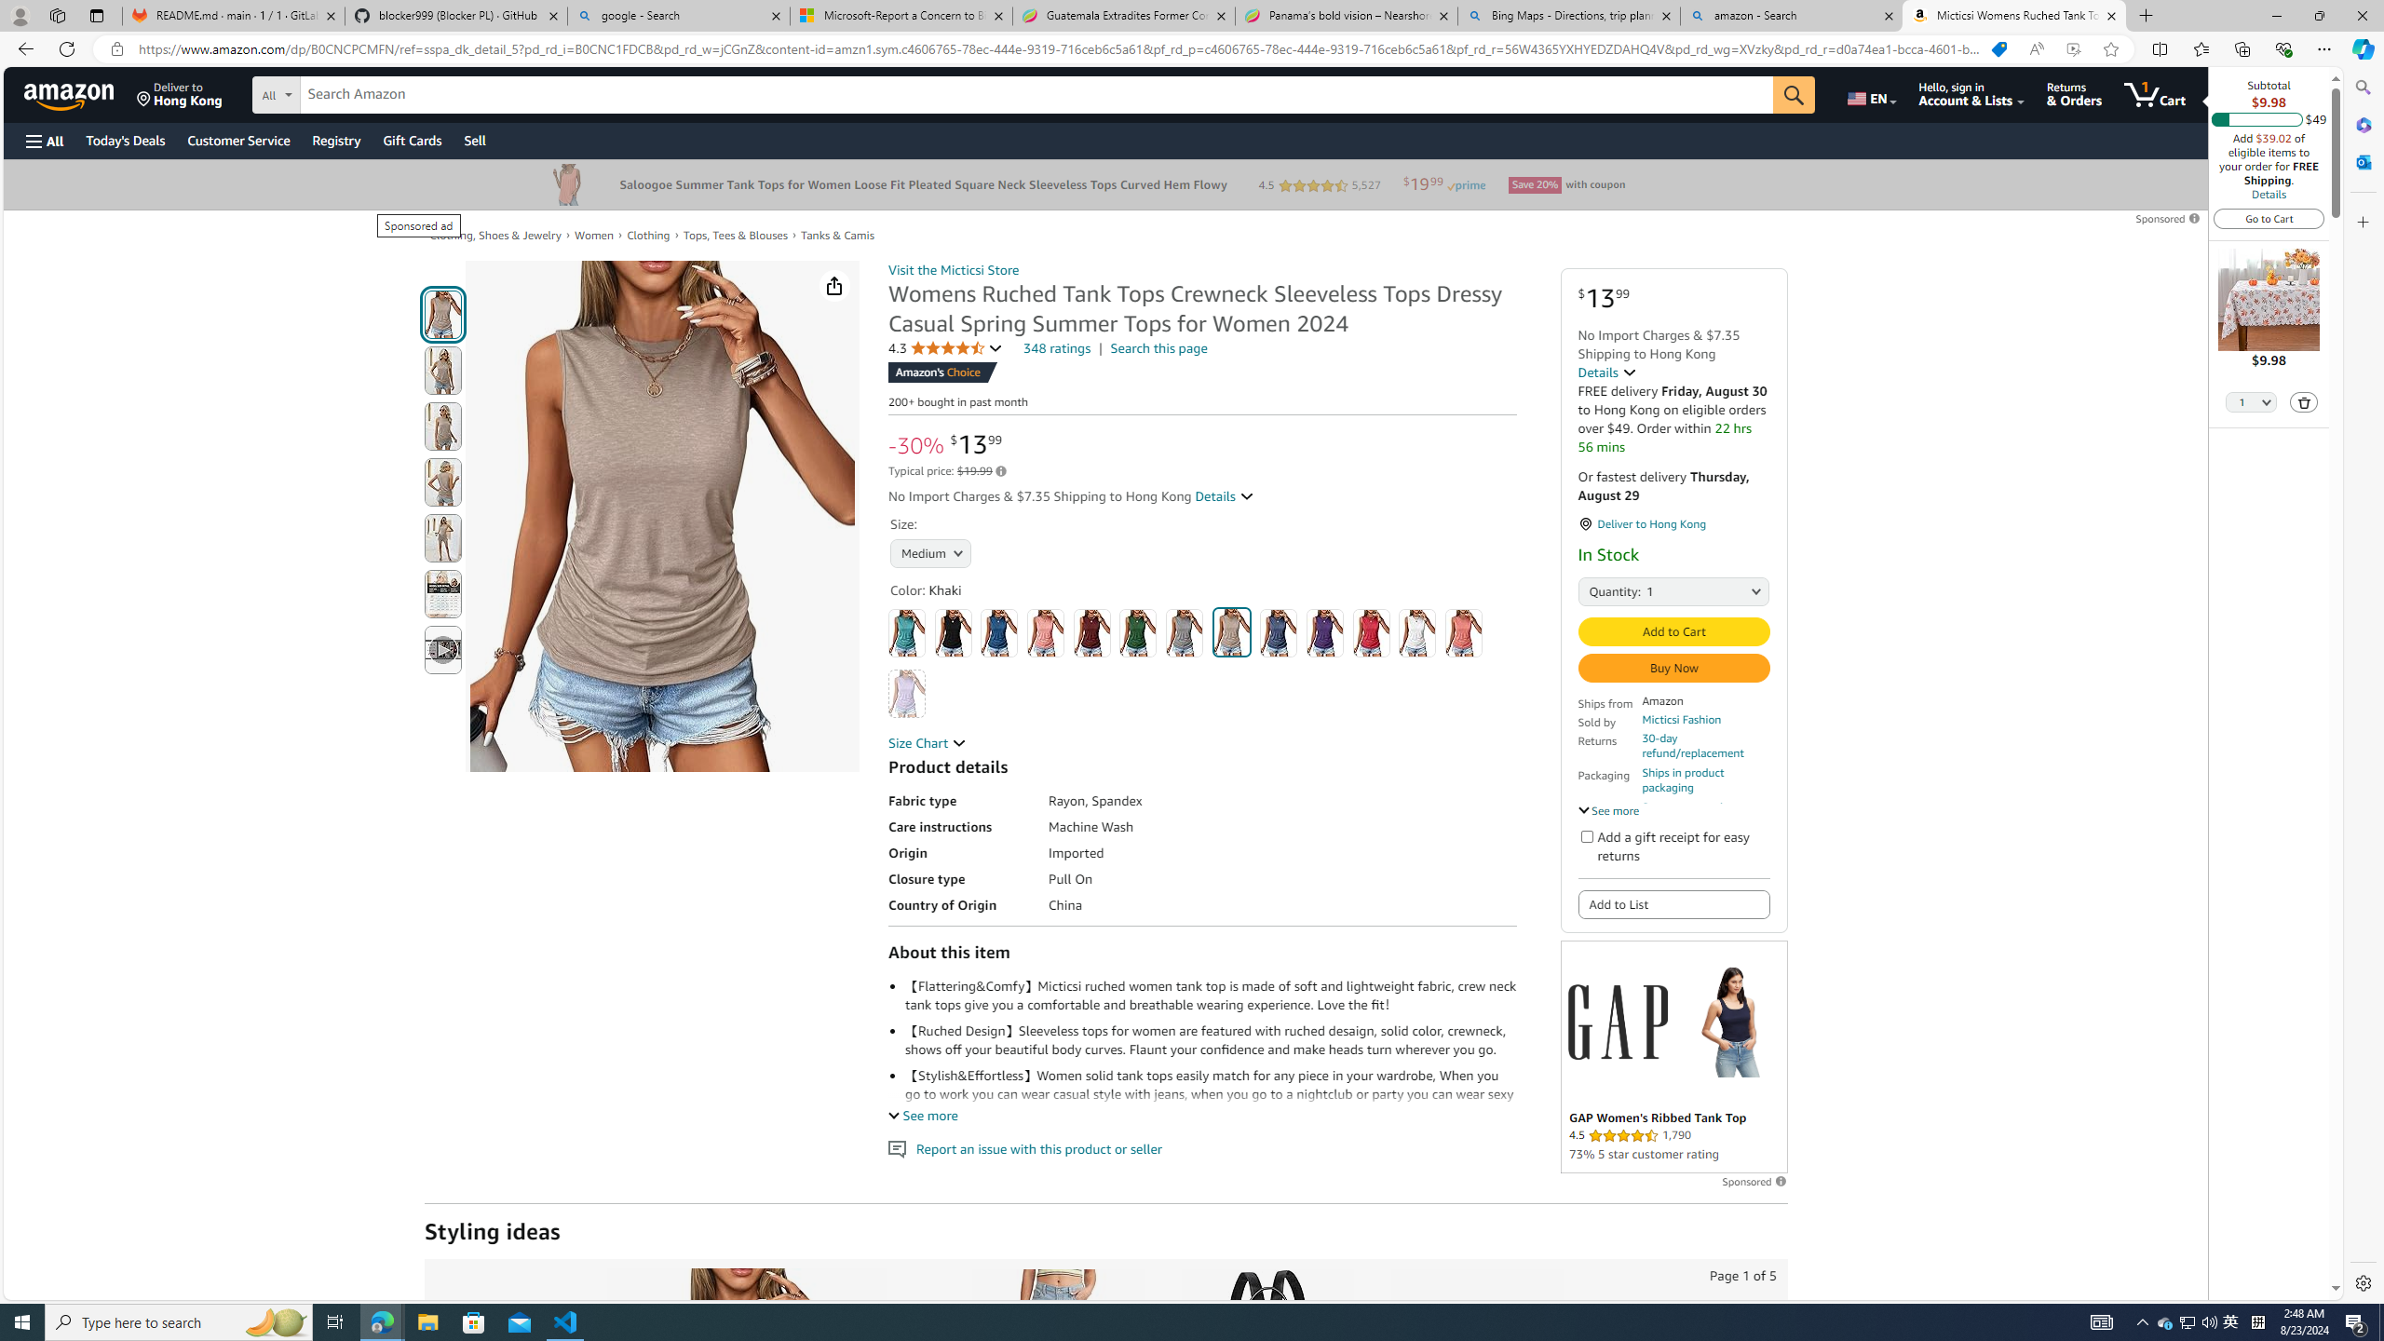 Image resolution: width=2384 pixels, height=1341 pixels. I want to click on 'Grey', so click(1184, 632).